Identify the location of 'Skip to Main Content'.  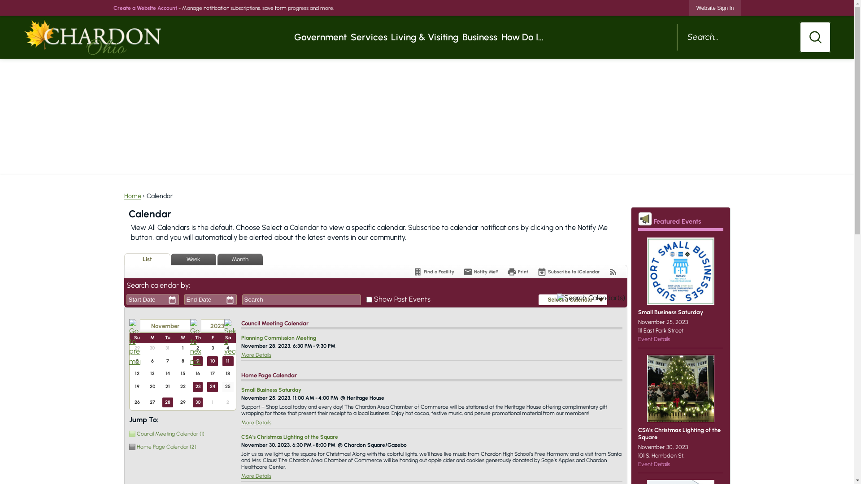
(4, 4).